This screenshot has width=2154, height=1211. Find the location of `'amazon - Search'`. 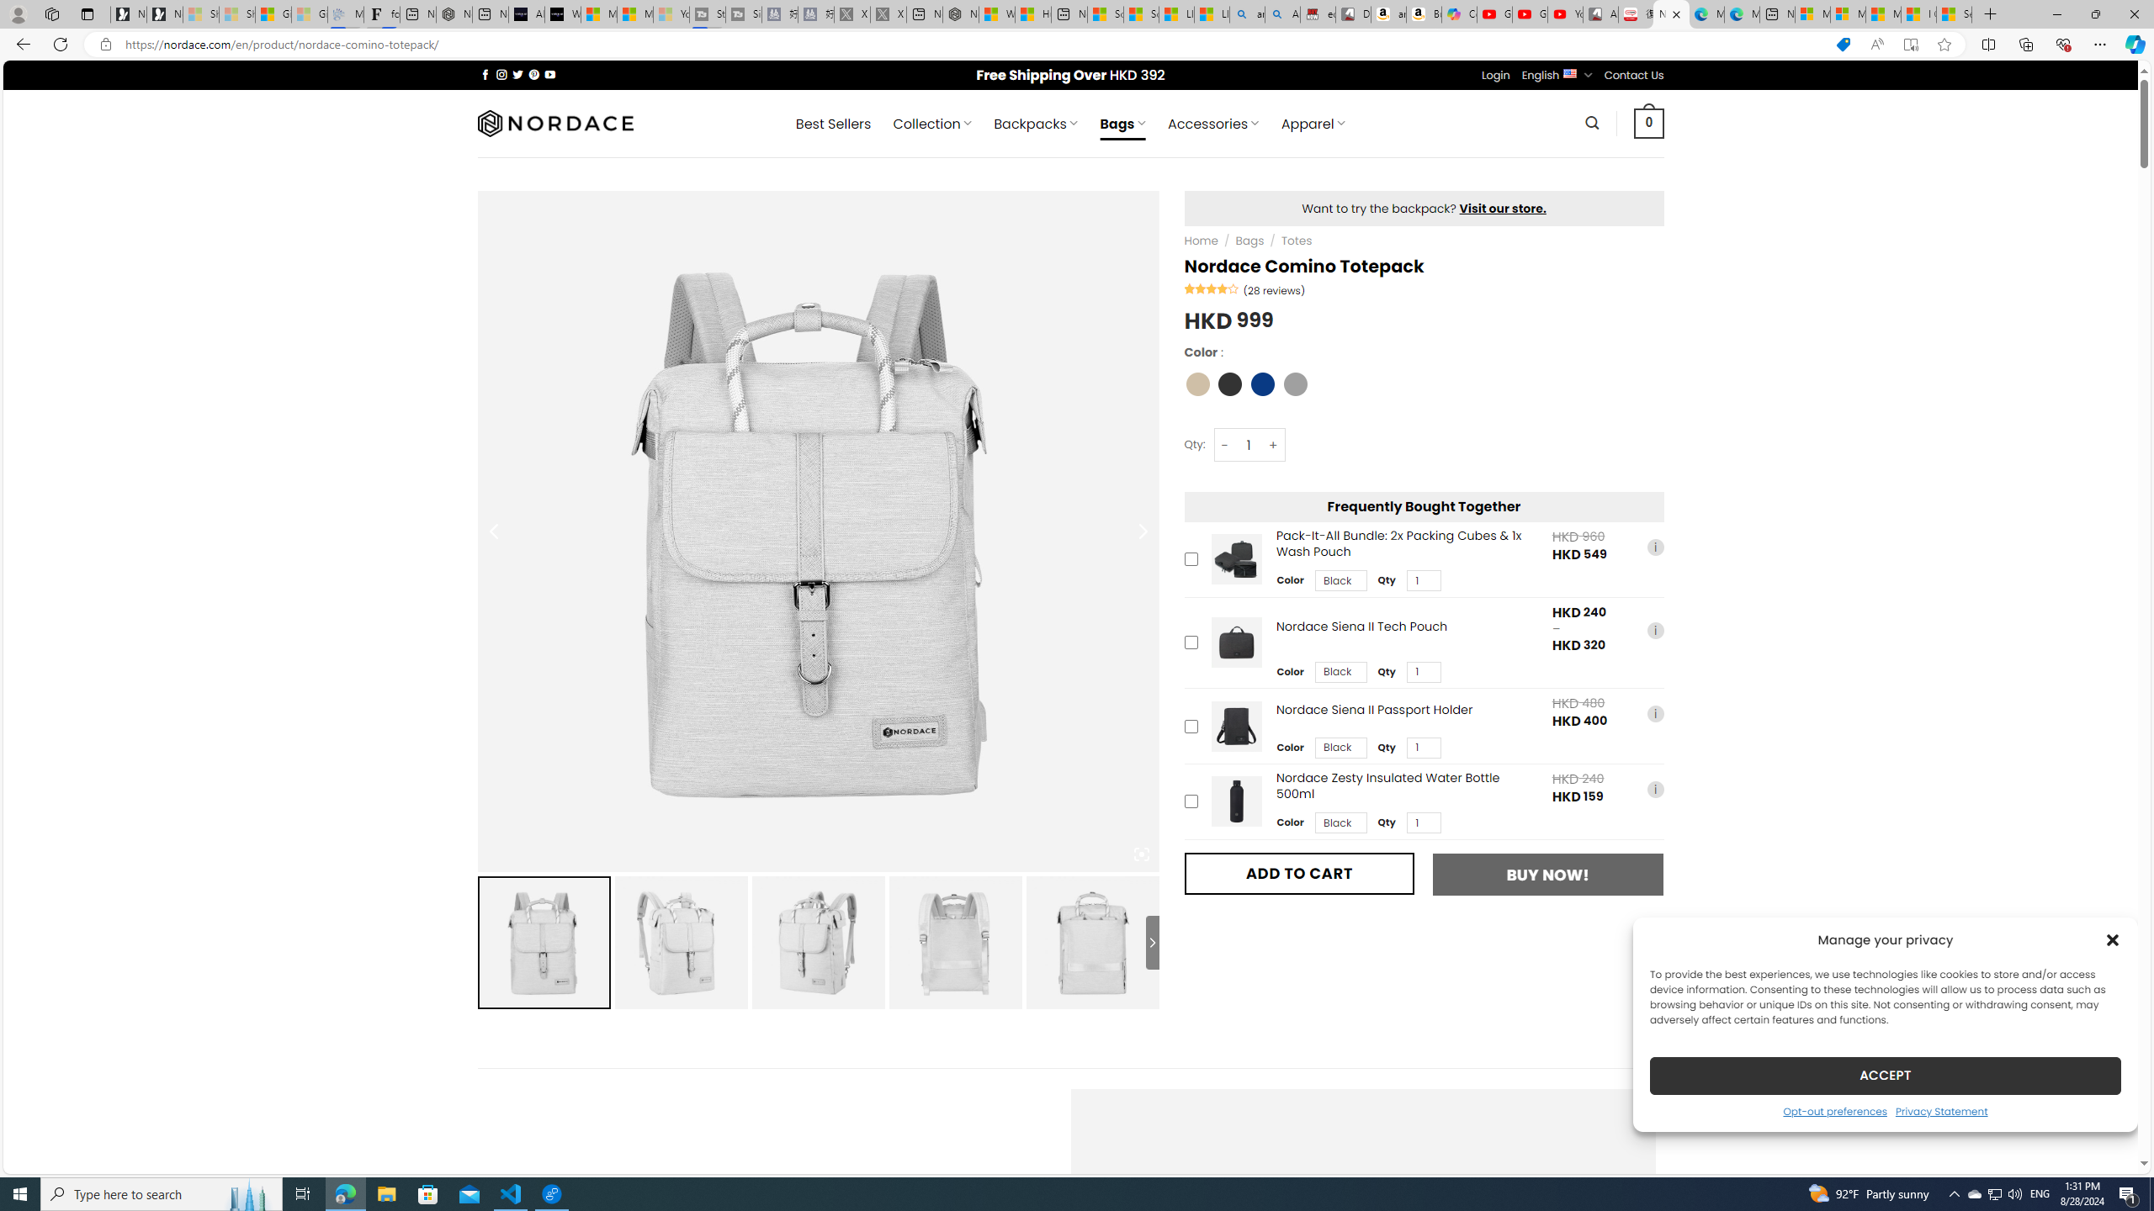

'amazon - Search' is located at coordinates (1248, 13).